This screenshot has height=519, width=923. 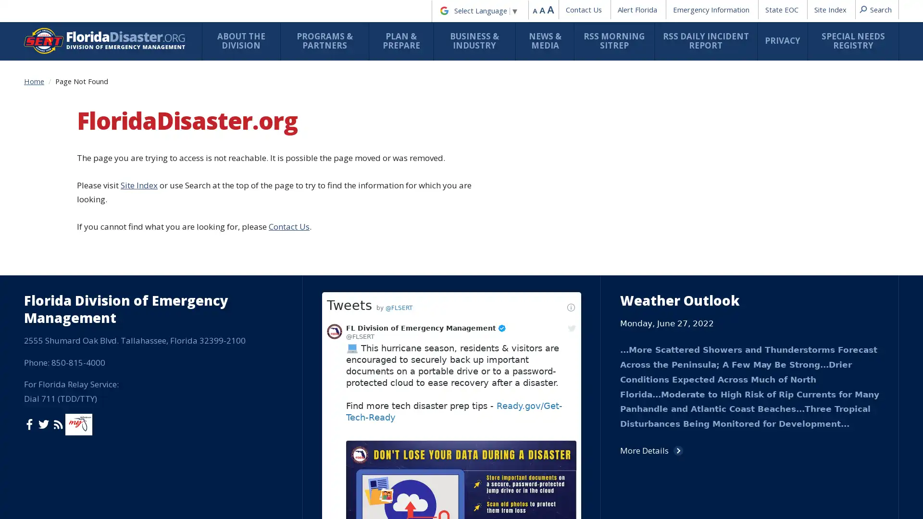 I want to click on Toggle More, so click(x=288, y=73).